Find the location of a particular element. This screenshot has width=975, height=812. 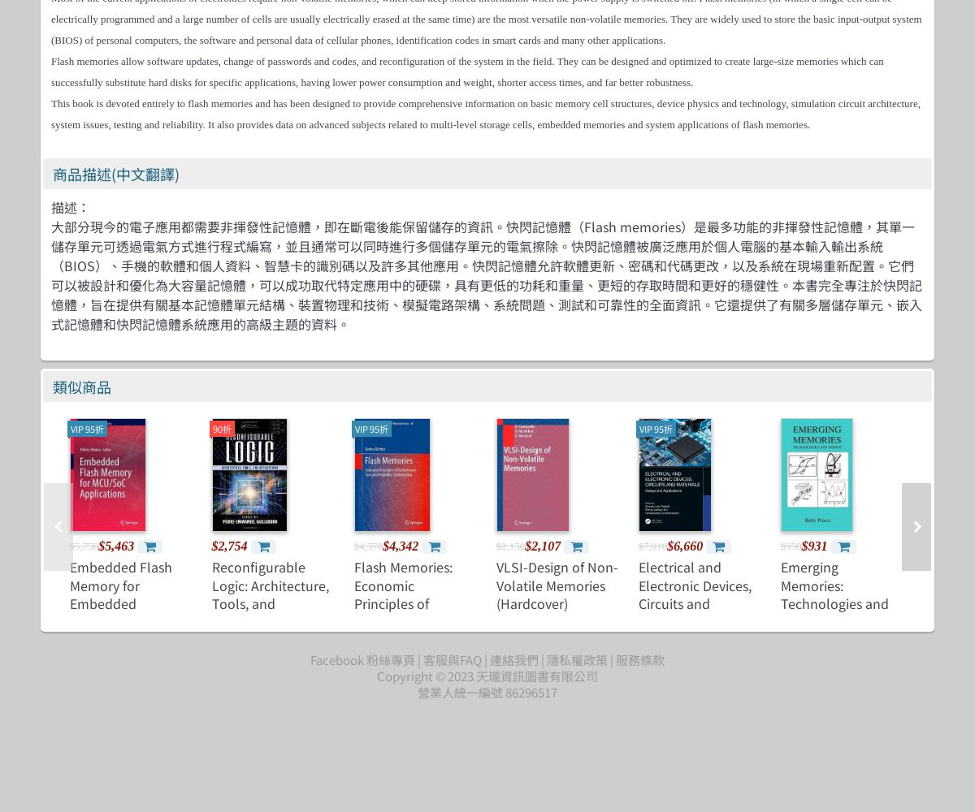

'This book is devoted entirely to flash memories and has been designed to 
  provide comprehensive information on basic memory cell structures, device 
  physics and technology, simulation circuit architecture, system issues, 
  testing and reliability. It also provides data on advanced subjects related to 
  multi-level storage cells, embedded memories and system applications of flash 
  memories.' is located at coordinates (484, 114).